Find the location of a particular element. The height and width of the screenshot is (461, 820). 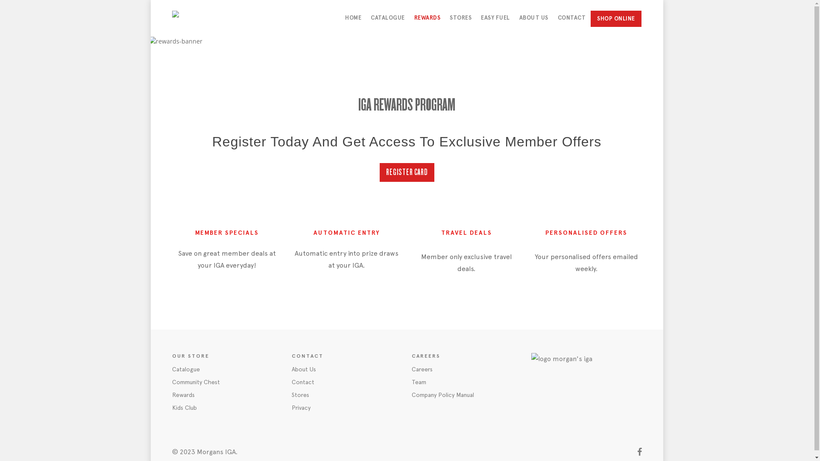

'HOME' is located at coordinates (353, 23).